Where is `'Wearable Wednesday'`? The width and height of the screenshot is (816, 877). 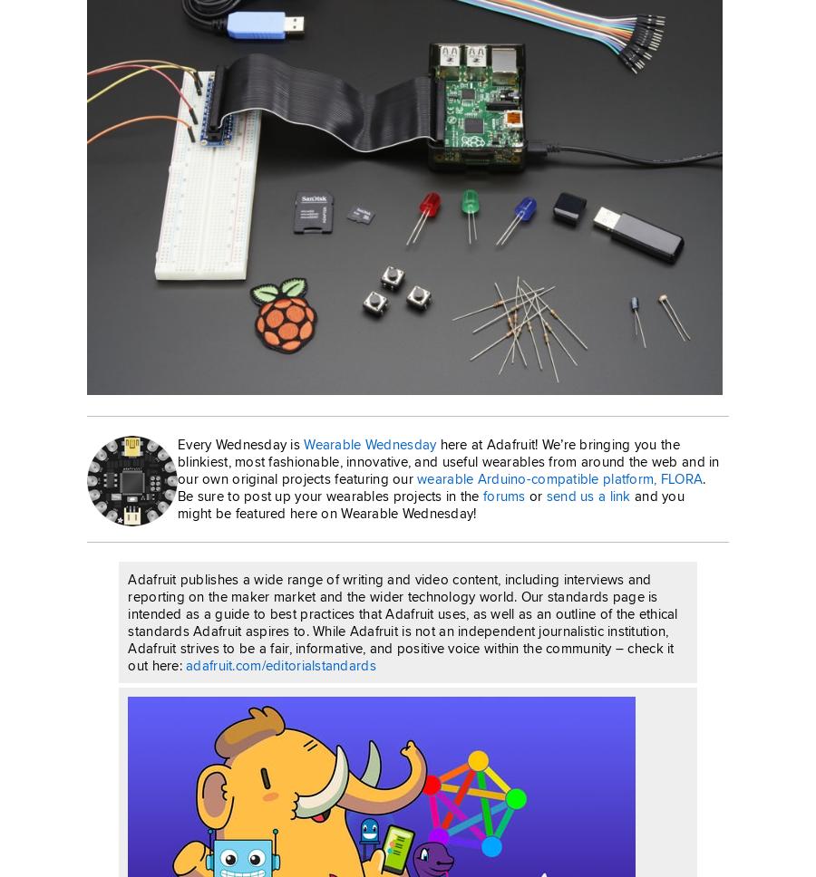 'Wearable Wednesday' is located at coordinates (369, 443).